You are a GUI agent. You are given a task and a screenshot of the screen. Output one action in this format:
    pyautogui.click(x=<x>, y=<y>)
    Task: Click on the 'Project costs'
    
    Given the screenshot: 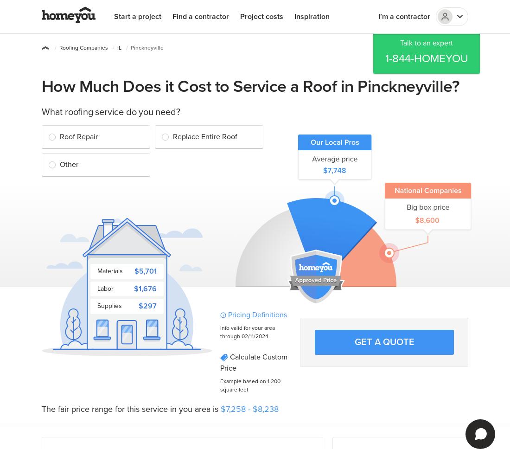 What is the action you would take?
    pyautogui.click(x=240, y=17)
    